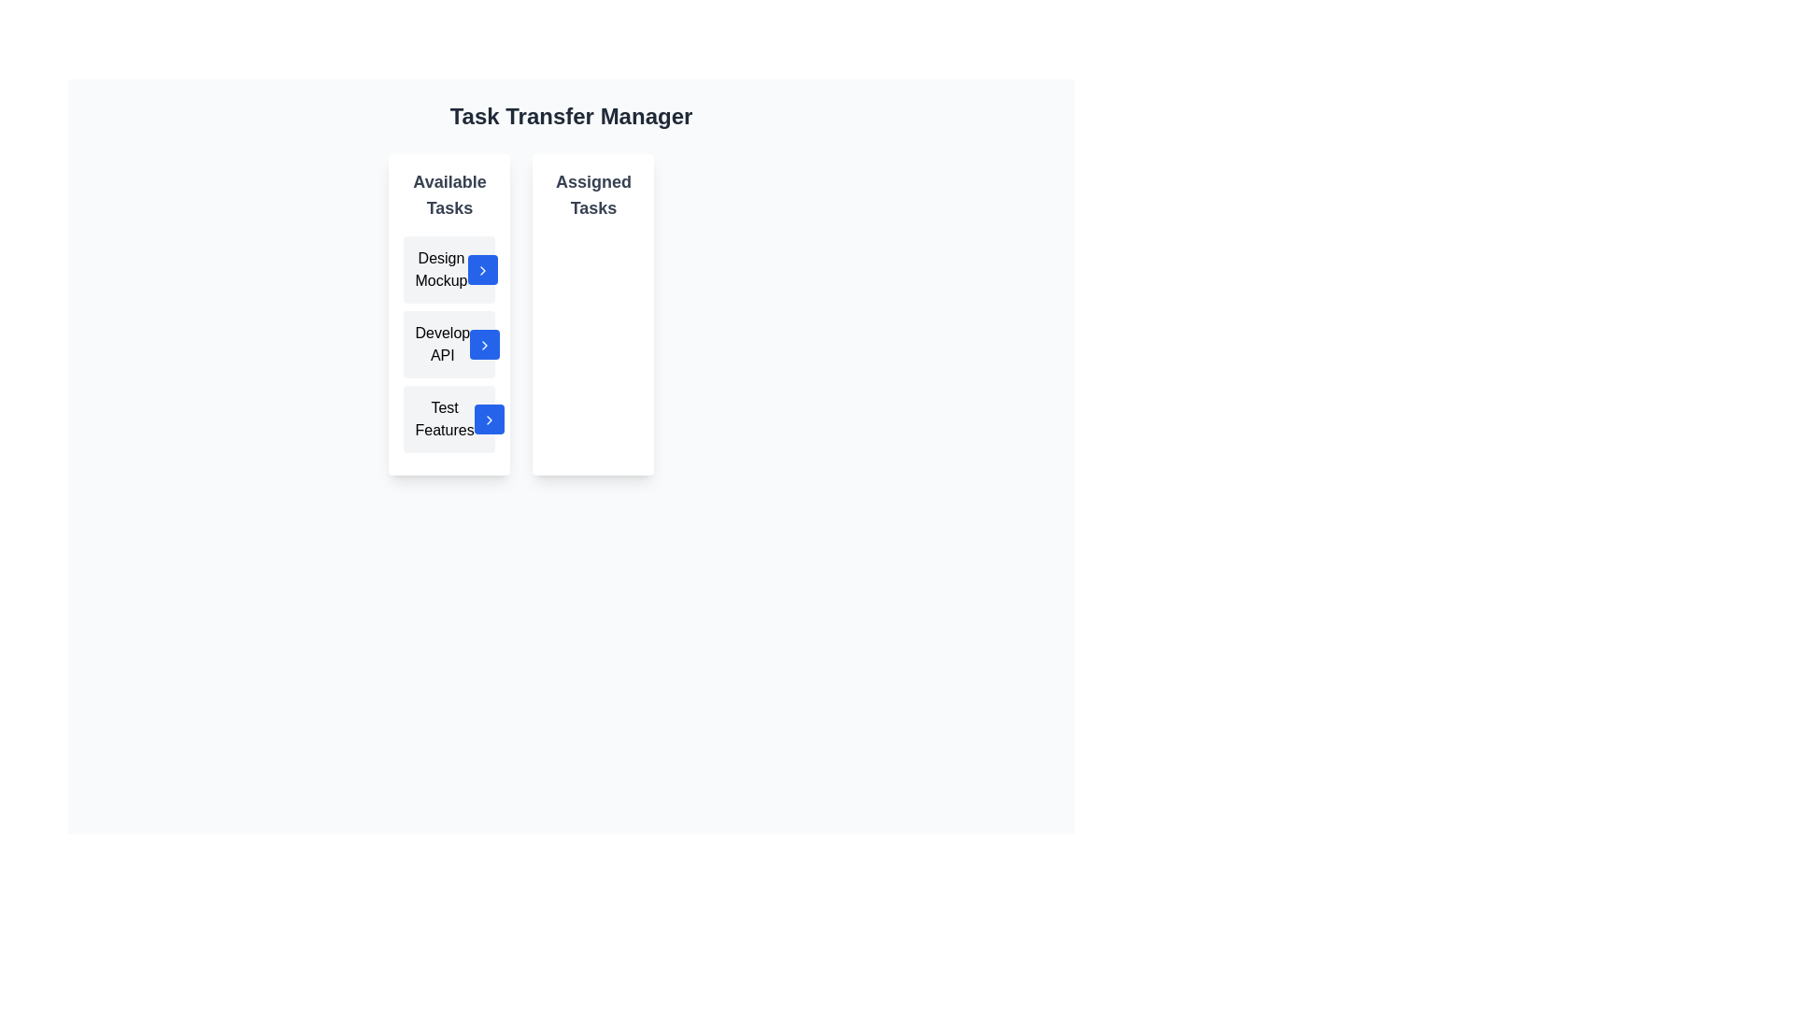  Describe the element at coordinates (449, 418) in the screenshot. I see `to select the task named 'Test Features' from the list of available tasks` at that location.